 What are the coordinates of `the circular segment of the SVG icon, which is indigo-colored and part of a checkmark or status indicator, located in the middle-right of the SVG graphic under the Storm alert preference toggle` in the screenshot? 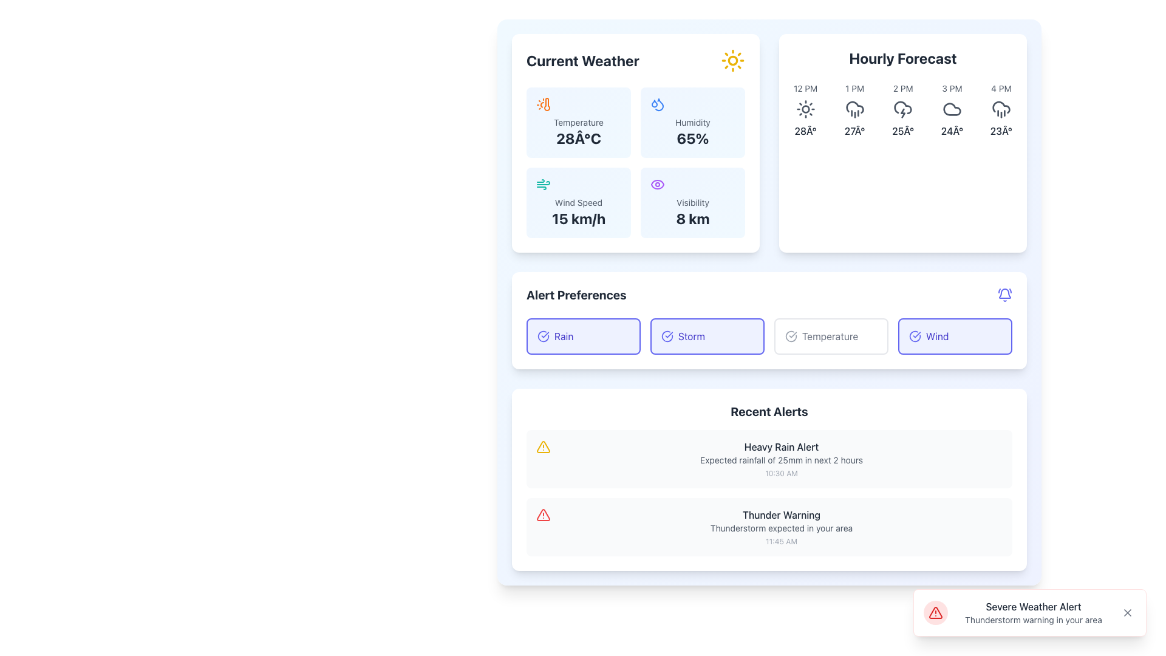 It's located at (667, 337).